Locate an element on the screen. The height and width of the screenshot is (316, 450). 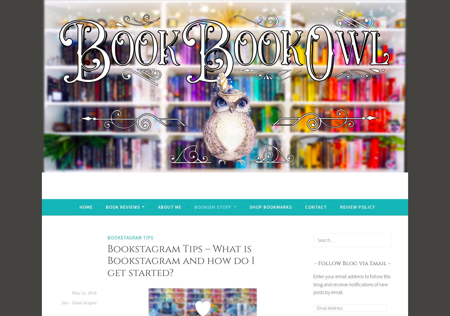
'Home' is located at coordinates (86, 206).